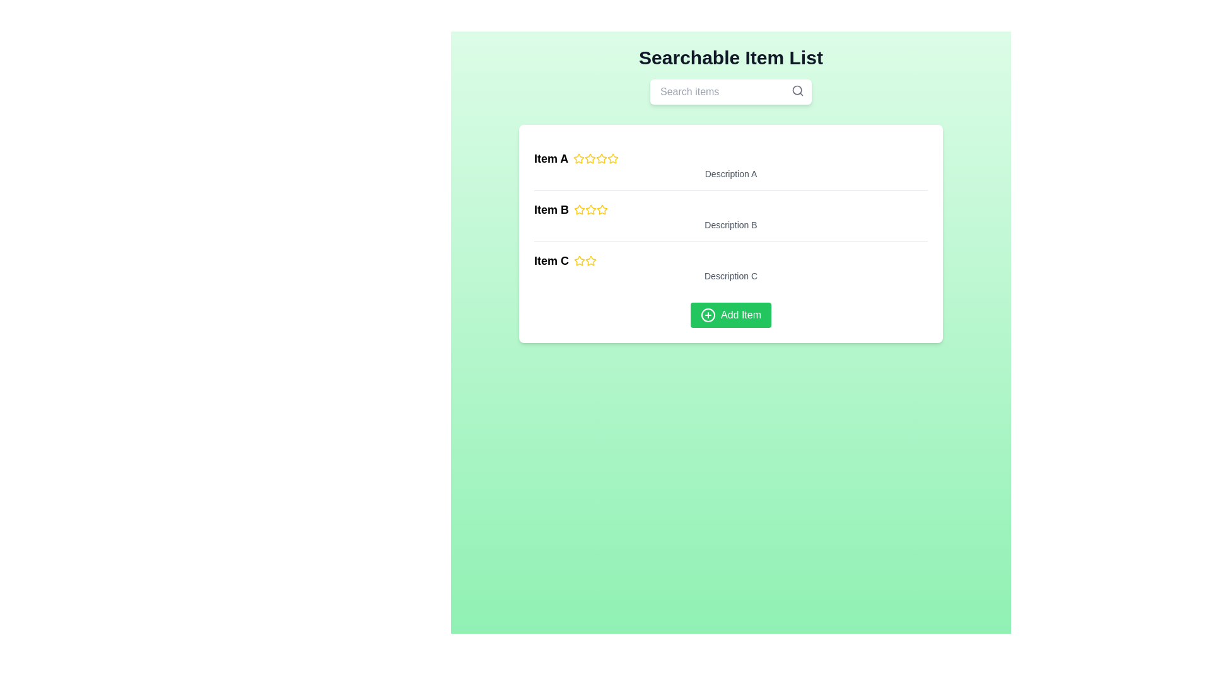  Describe the element at coordinates (730, 233) in the screenshot. I see `the text label reading 'Description B', which is styled in a smaller gray font and located below 'Item B'` at that location.